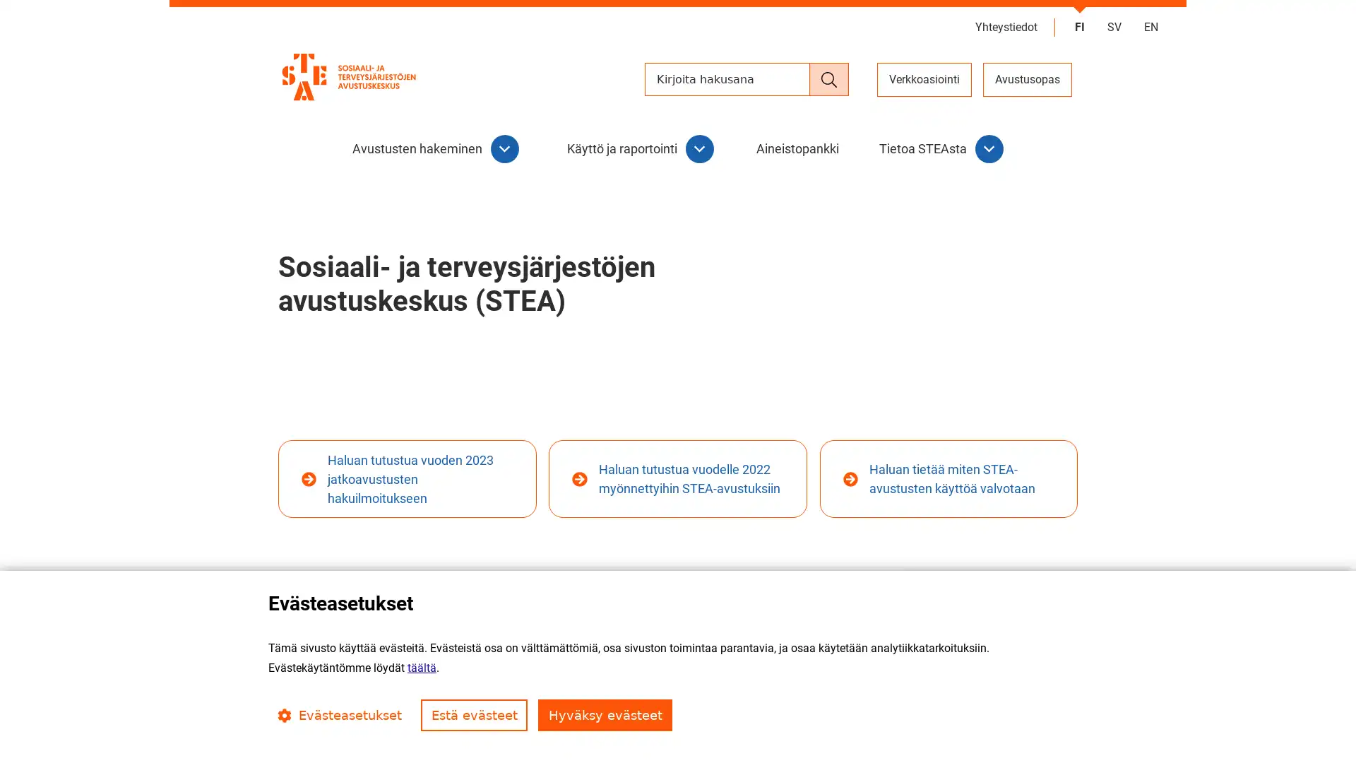 This screenshot has width=1356, height=763. What do you see at coordinates (605, 715) in the screenshot?
I see `Hyvaksy evasteet` at bounding box center [605, 715].